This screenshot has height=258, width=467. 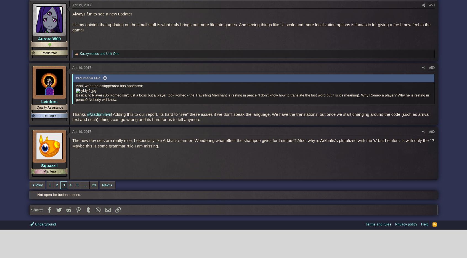 What do you see at coordinates (99, 114) in the screenshot?
I see `'@zadum4ivii'` at bounding box center [99, 114].